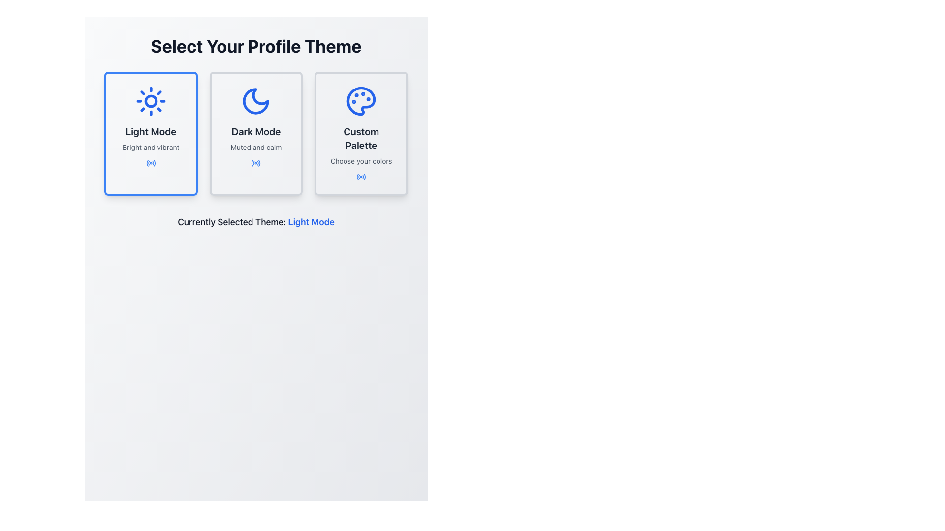  Describe the element at coordinates (256, 222) in the screenshot. I see `the text label that indicates the currently selected theme for the user's profile, which is located below the three theme selection cards` at that location.